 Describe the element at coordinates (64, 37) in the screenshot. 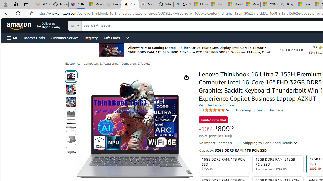

I see `'Customer Service'` at that location.